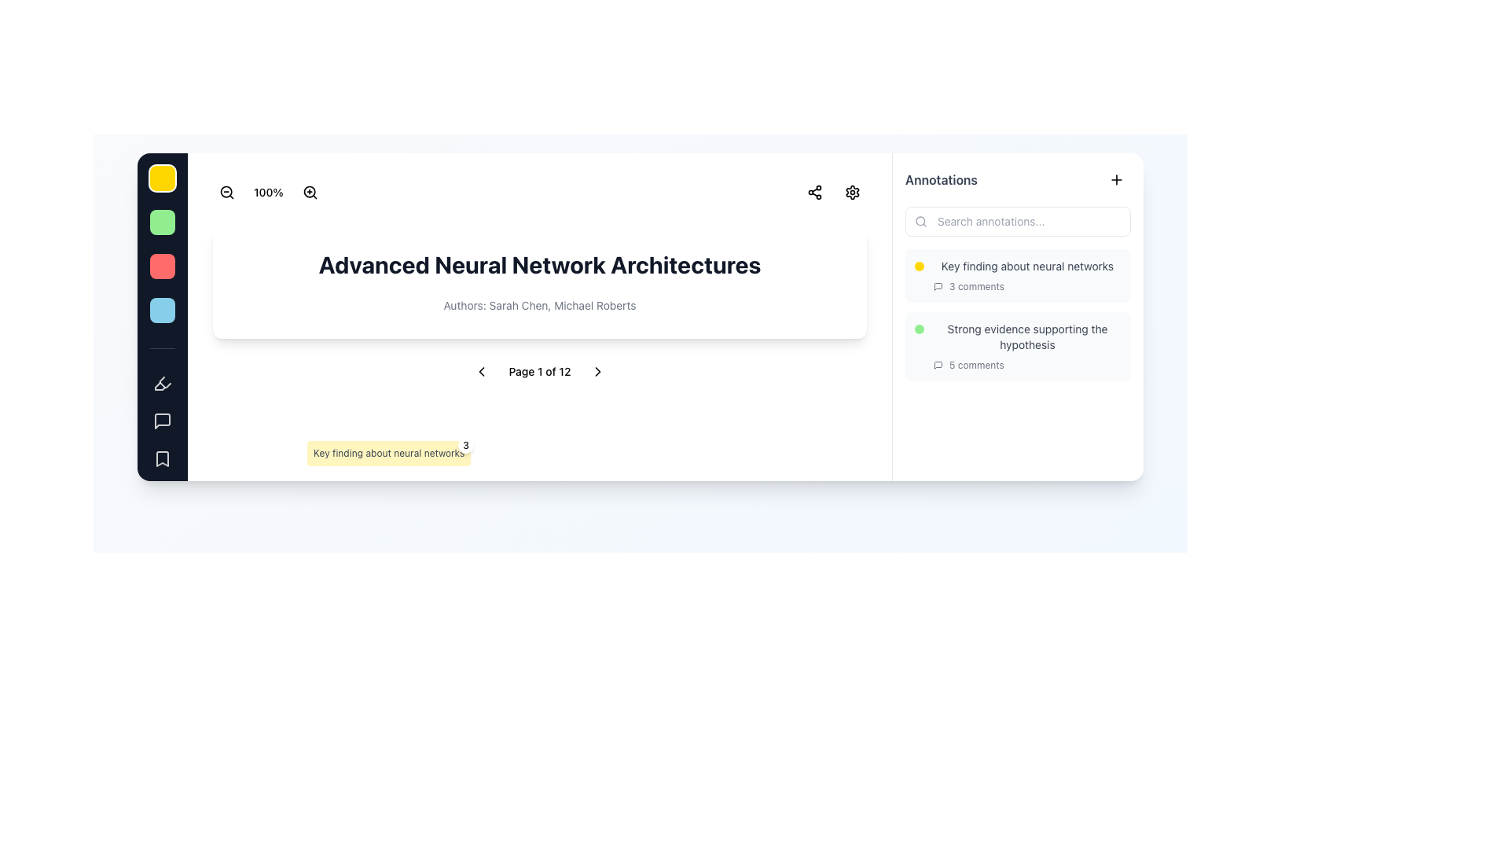 This screenshot has height=849, width=1509. I want to click on the zoom out button located in the top-left section of the interface, which is the second icon from the left in the horizontal toolbar, positioned to the right of a larger rectangular icon and to the left of a magnifying glass icon, so click(226, 192).